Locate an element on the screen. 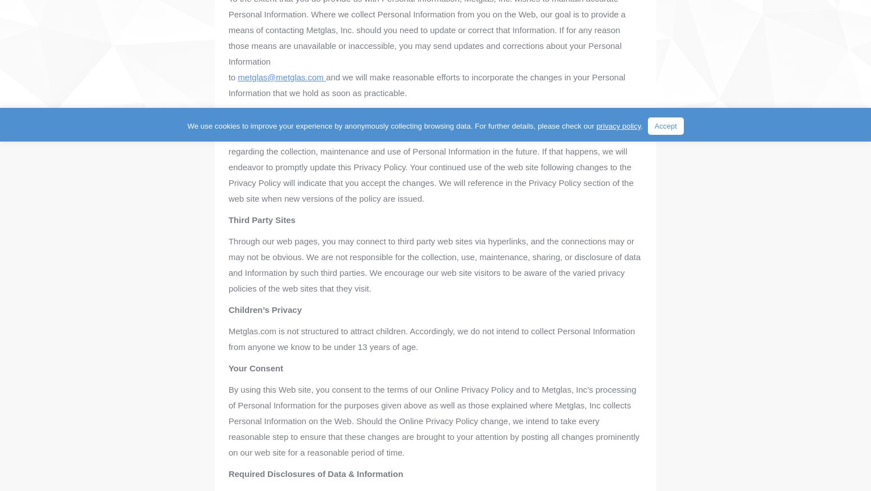 The height and width of the screenshot is (491, 871). 'Third Party Sites' is located at coordinates (228, 220).